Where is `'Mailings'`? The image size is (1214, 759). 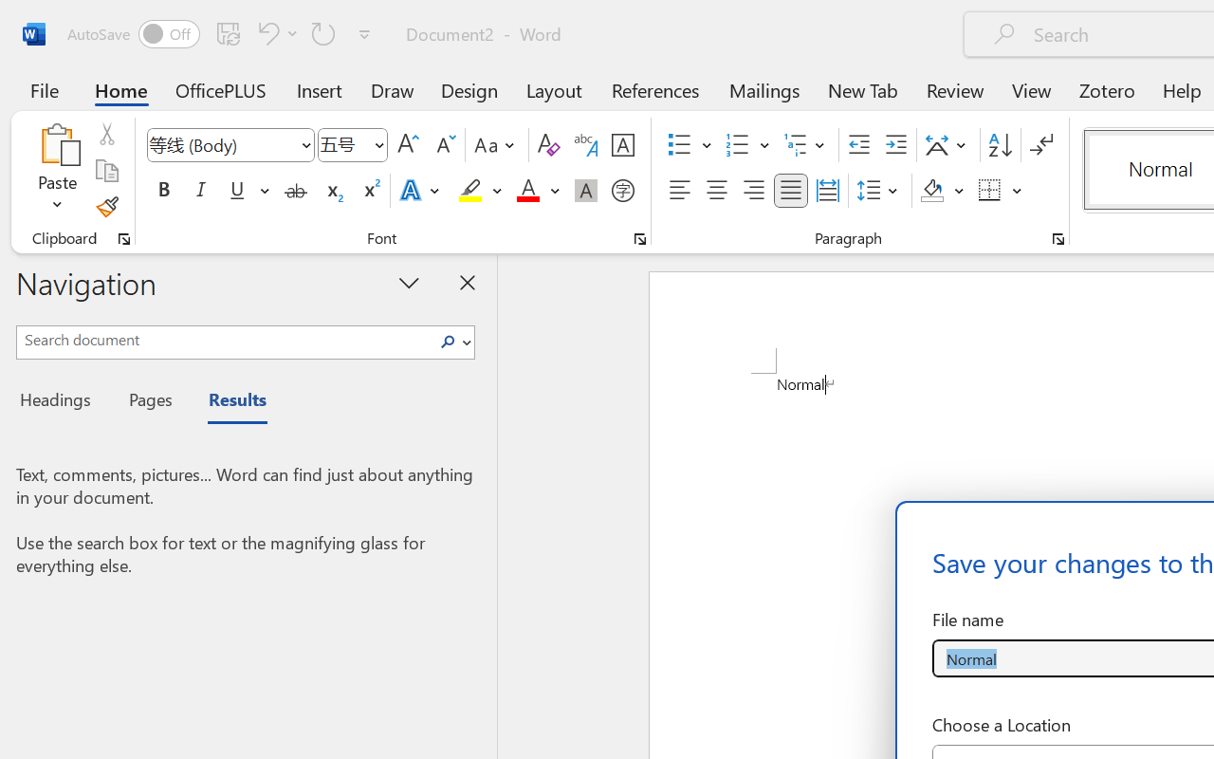
'Mailings' is located at coordinates (764, 89).